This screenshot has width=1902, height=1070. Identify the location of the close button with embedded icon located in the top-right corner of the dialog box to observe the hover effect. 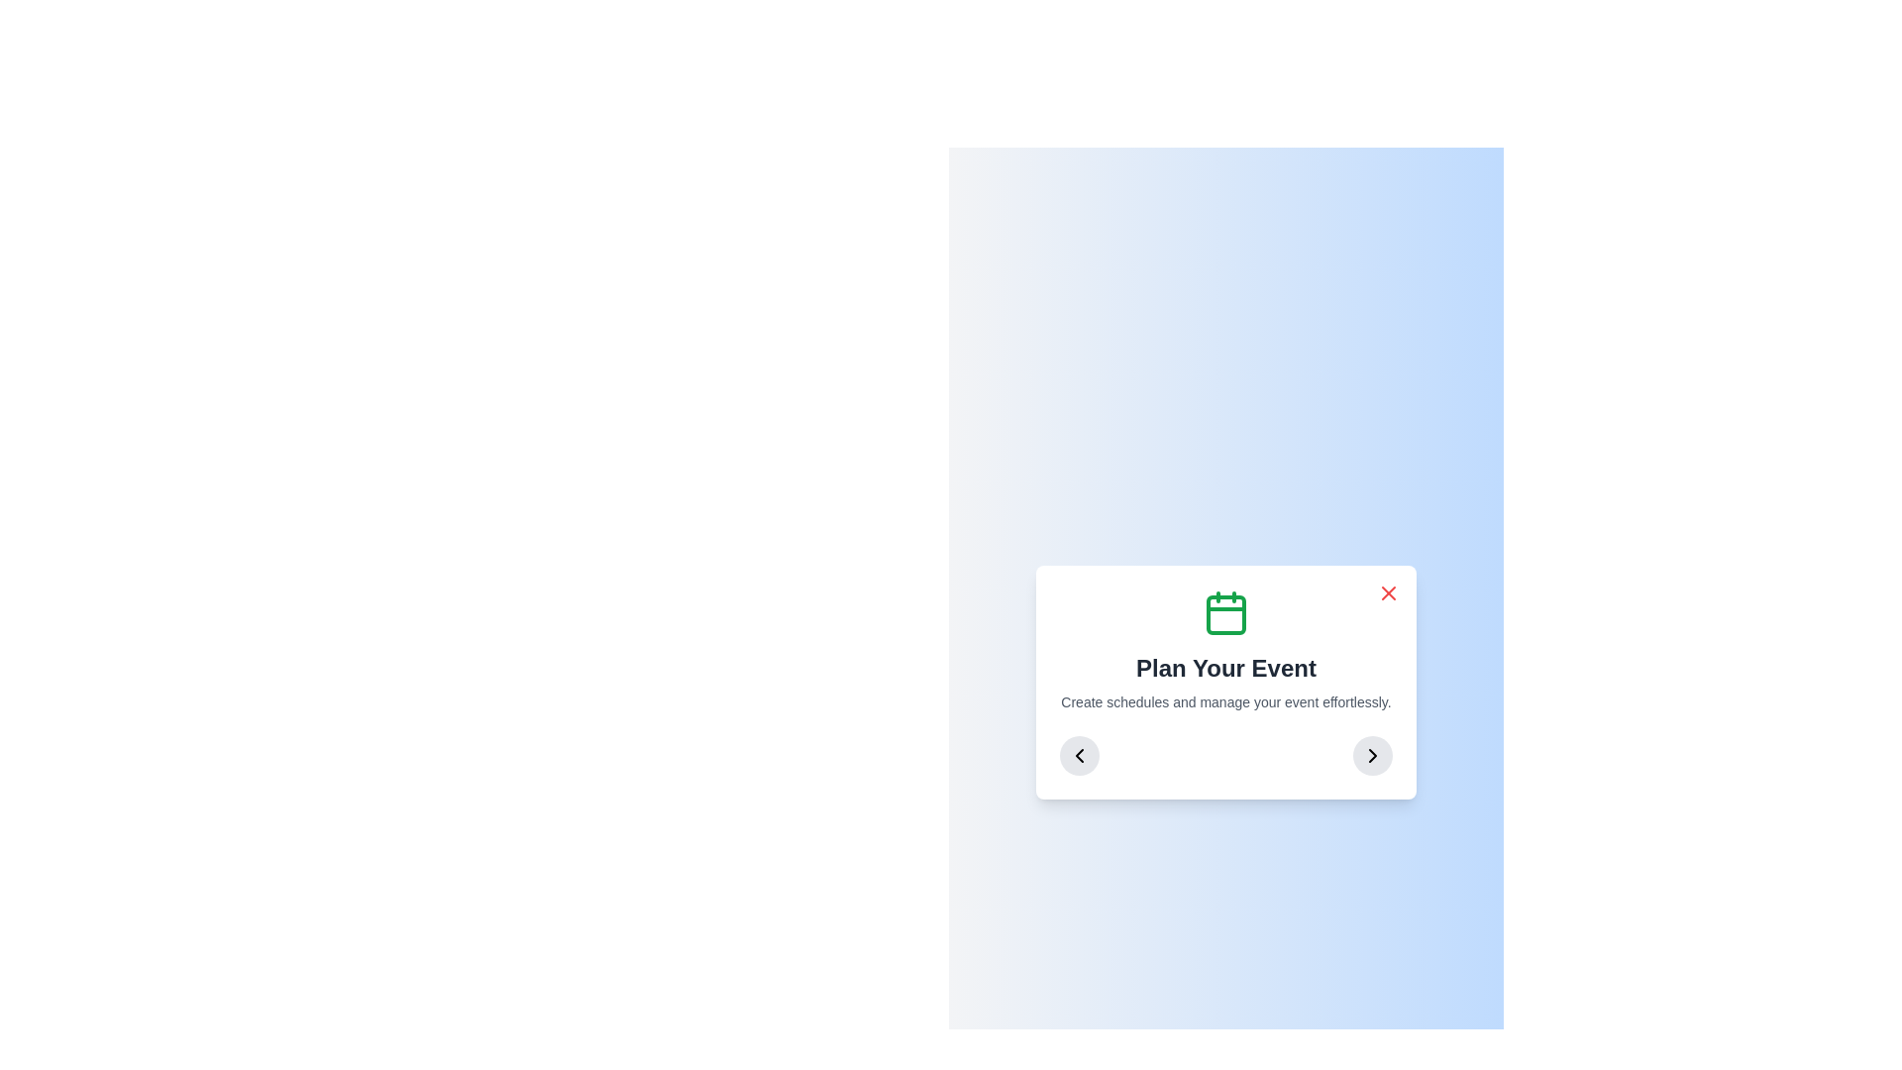
(1387, 591).